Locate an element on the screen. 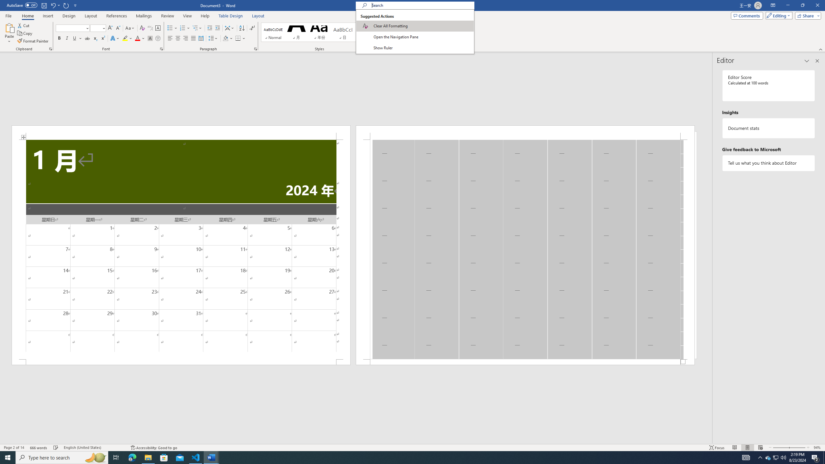 The image size is (825, 464). 'Distributed' is located at coordinates (201, 38).